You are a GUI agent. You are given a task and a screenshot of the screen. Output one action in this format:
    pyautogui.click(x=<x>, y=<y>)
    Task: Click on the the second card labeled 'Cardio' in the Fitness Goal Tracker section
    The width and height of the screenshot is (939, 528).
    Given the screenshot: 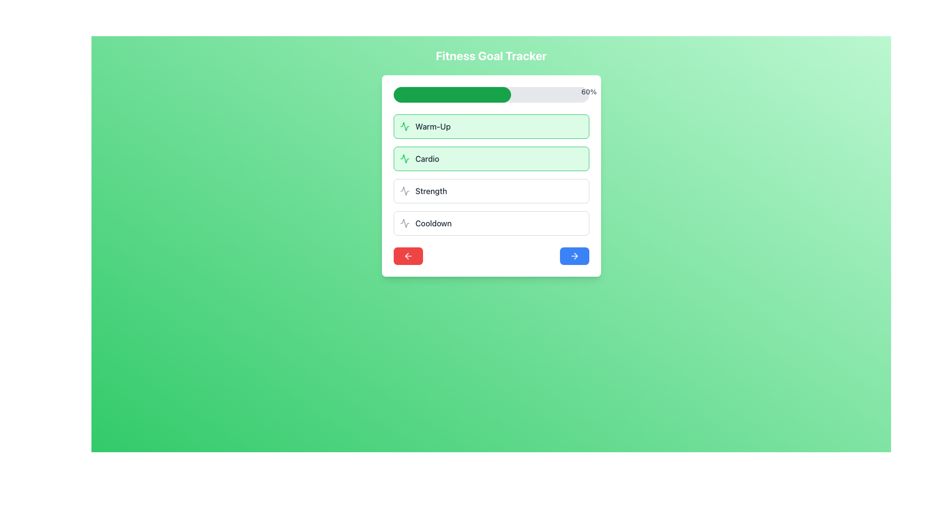 What is the action you would take?
    pyautogui.click(x=491, y=158)
    